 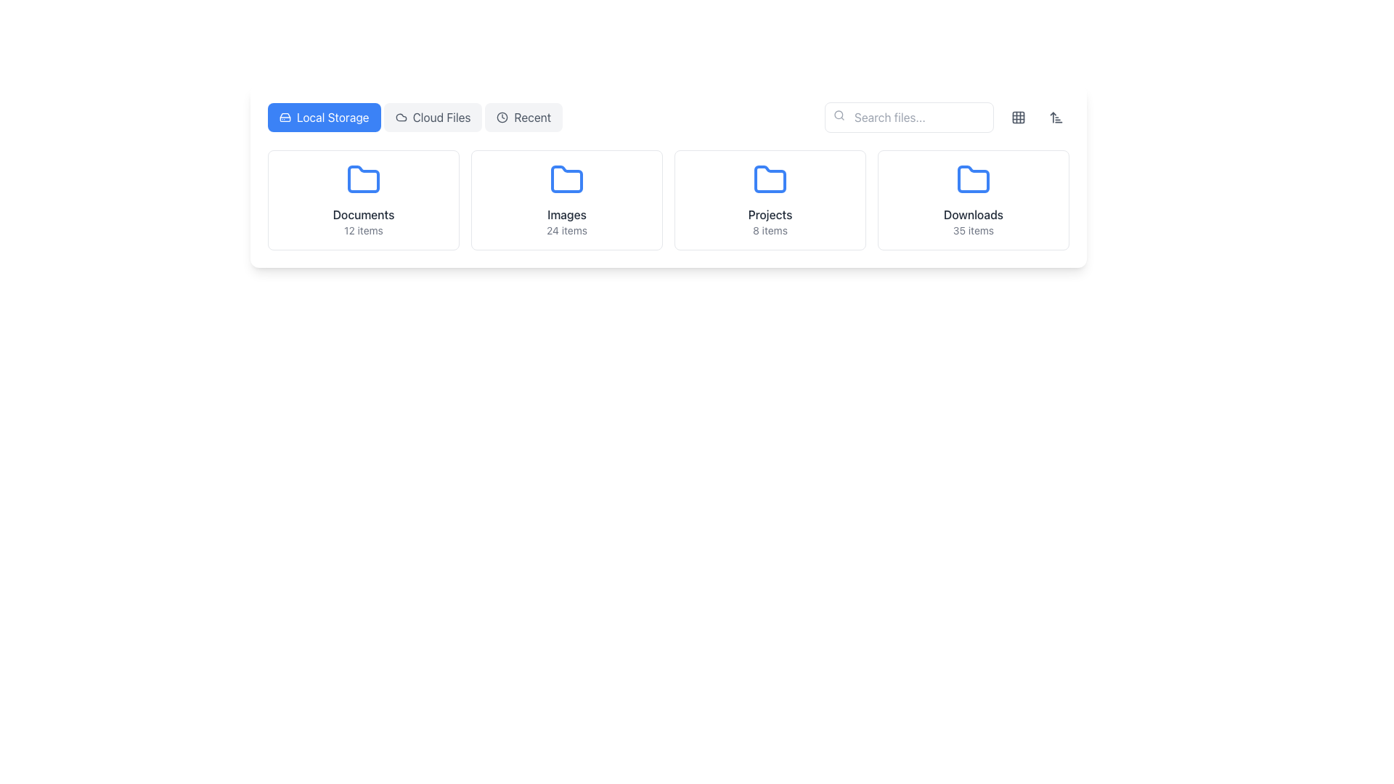 I want to click on the second folder card in the grid of folders, so click(x=566, y=200).